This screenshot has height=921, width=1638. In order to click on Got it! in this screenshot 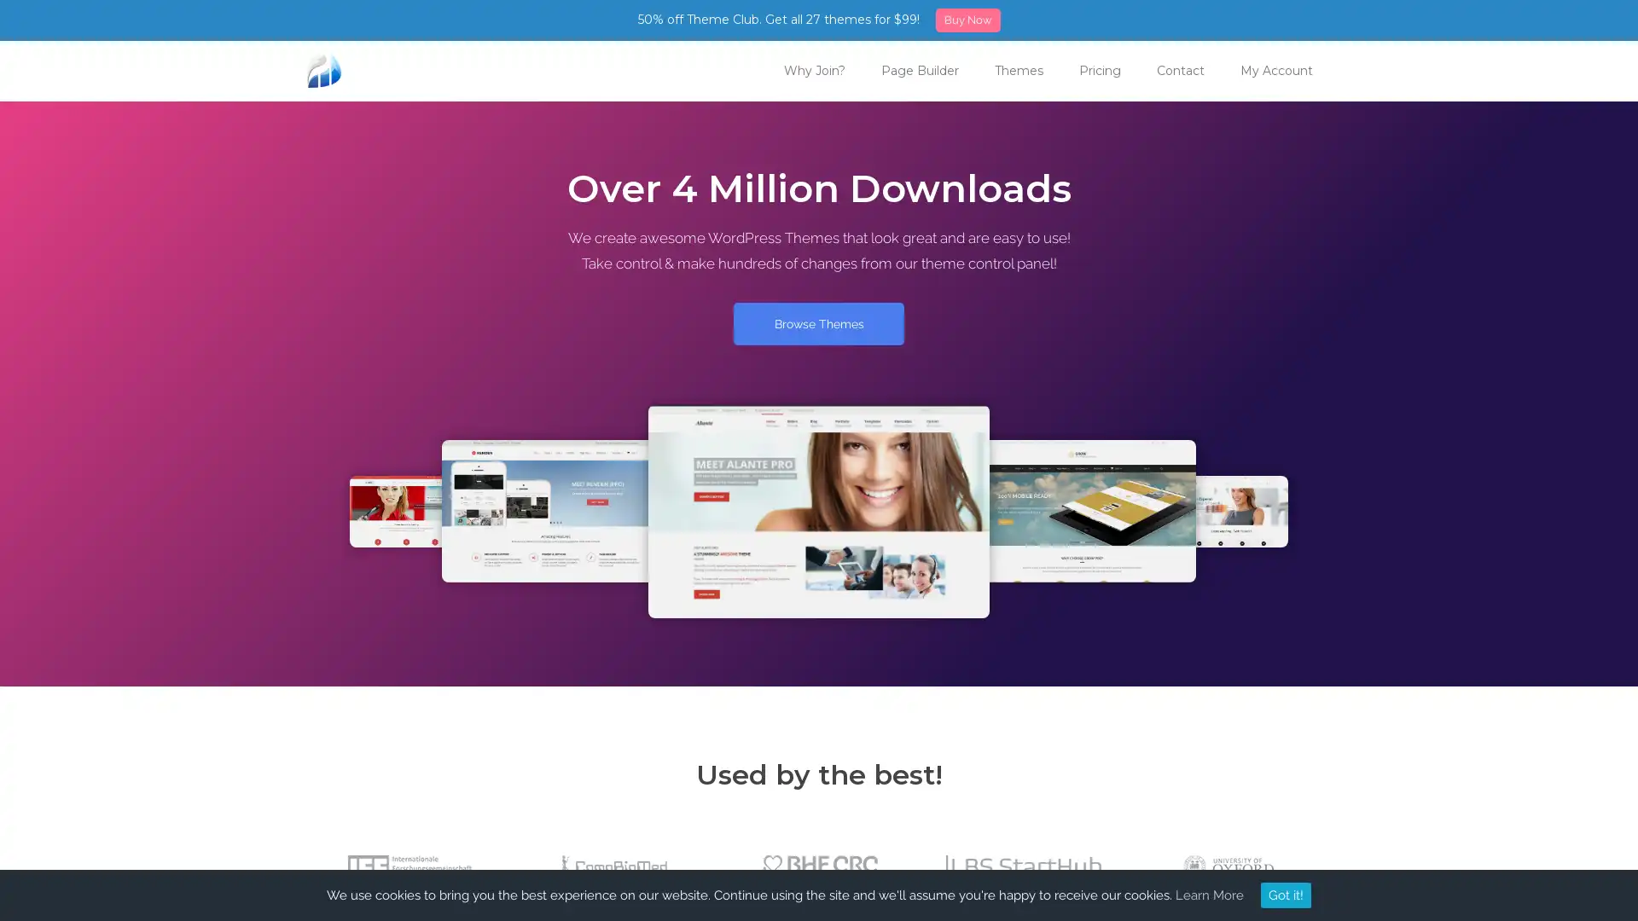, I will do `click(1286, 894)`.